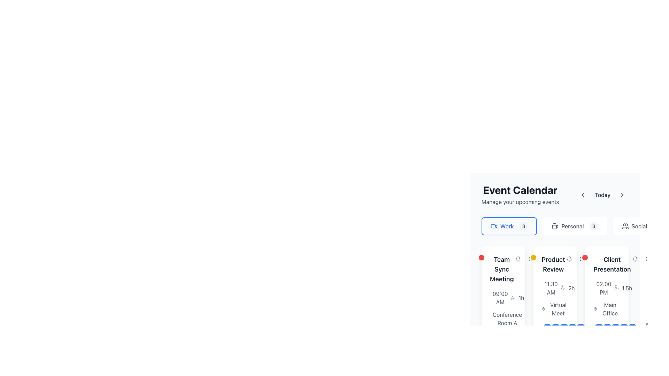 This screenshot has height=376, width=669. I want to click on the text displaying the time '11:30 AM' followed by '2h' within the 'Product Review' card to understand the schedule, so click(555, 288).